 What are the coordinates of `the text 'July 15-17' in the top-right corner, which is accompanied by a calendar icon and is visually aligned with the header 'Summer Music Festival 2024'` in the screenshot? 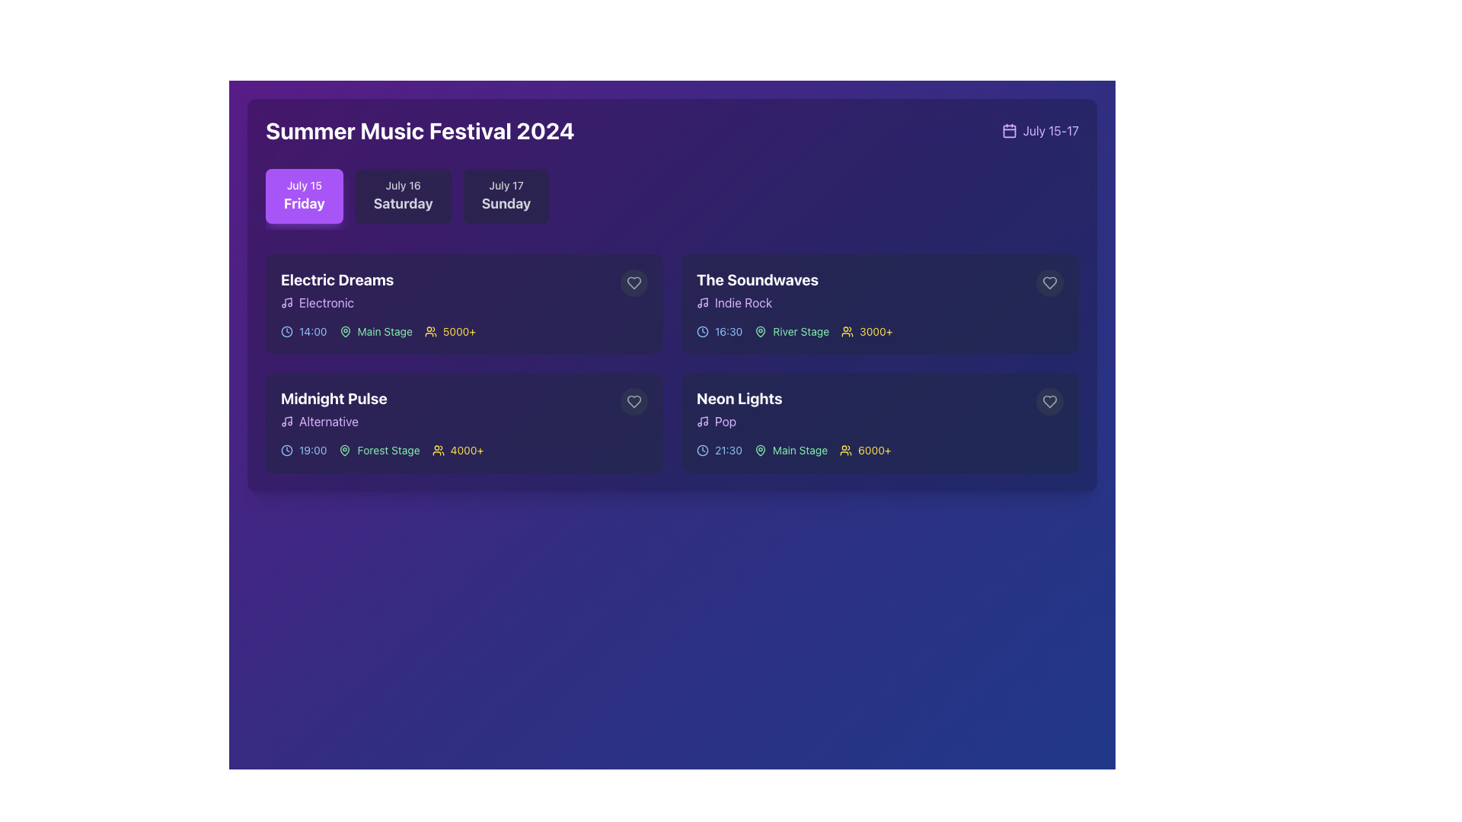 It's located at (1039, 130).